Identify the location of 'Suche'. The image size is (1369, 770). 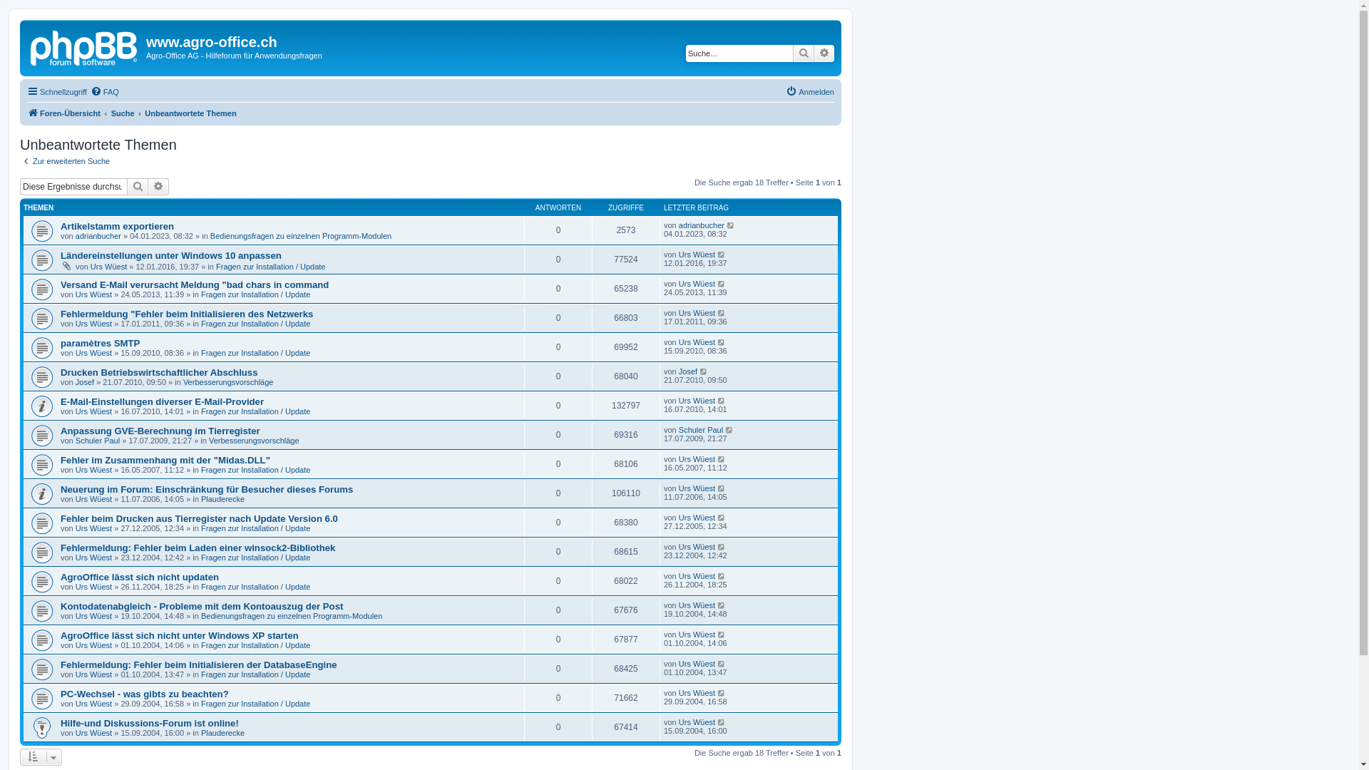
(804, 52).